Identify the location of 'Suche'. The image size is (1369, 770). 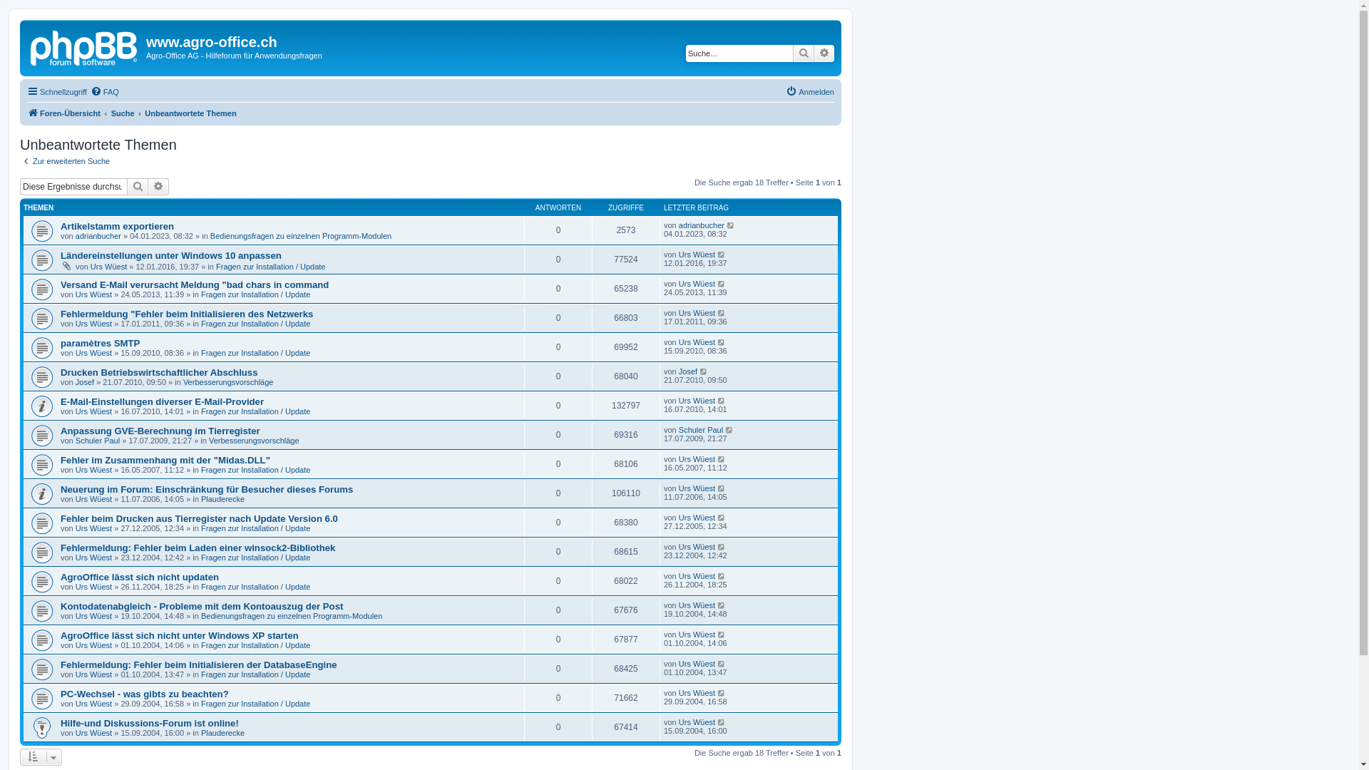
(804, 52).